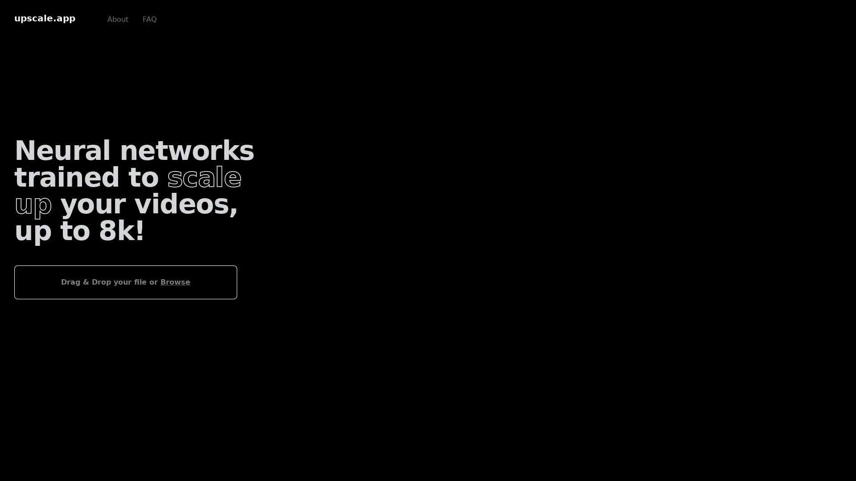 The height and width of the screenshot is (481, 856). I want to click on Choose File, so click(17, 266).